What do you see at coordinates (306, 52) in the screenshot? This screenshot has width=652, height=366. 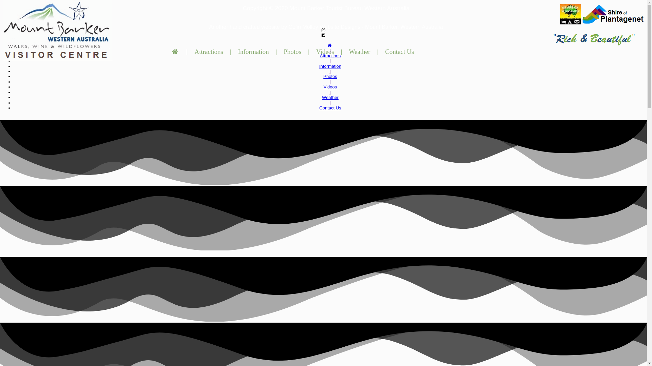 I see `'|'` at bounding box center [306, 52].